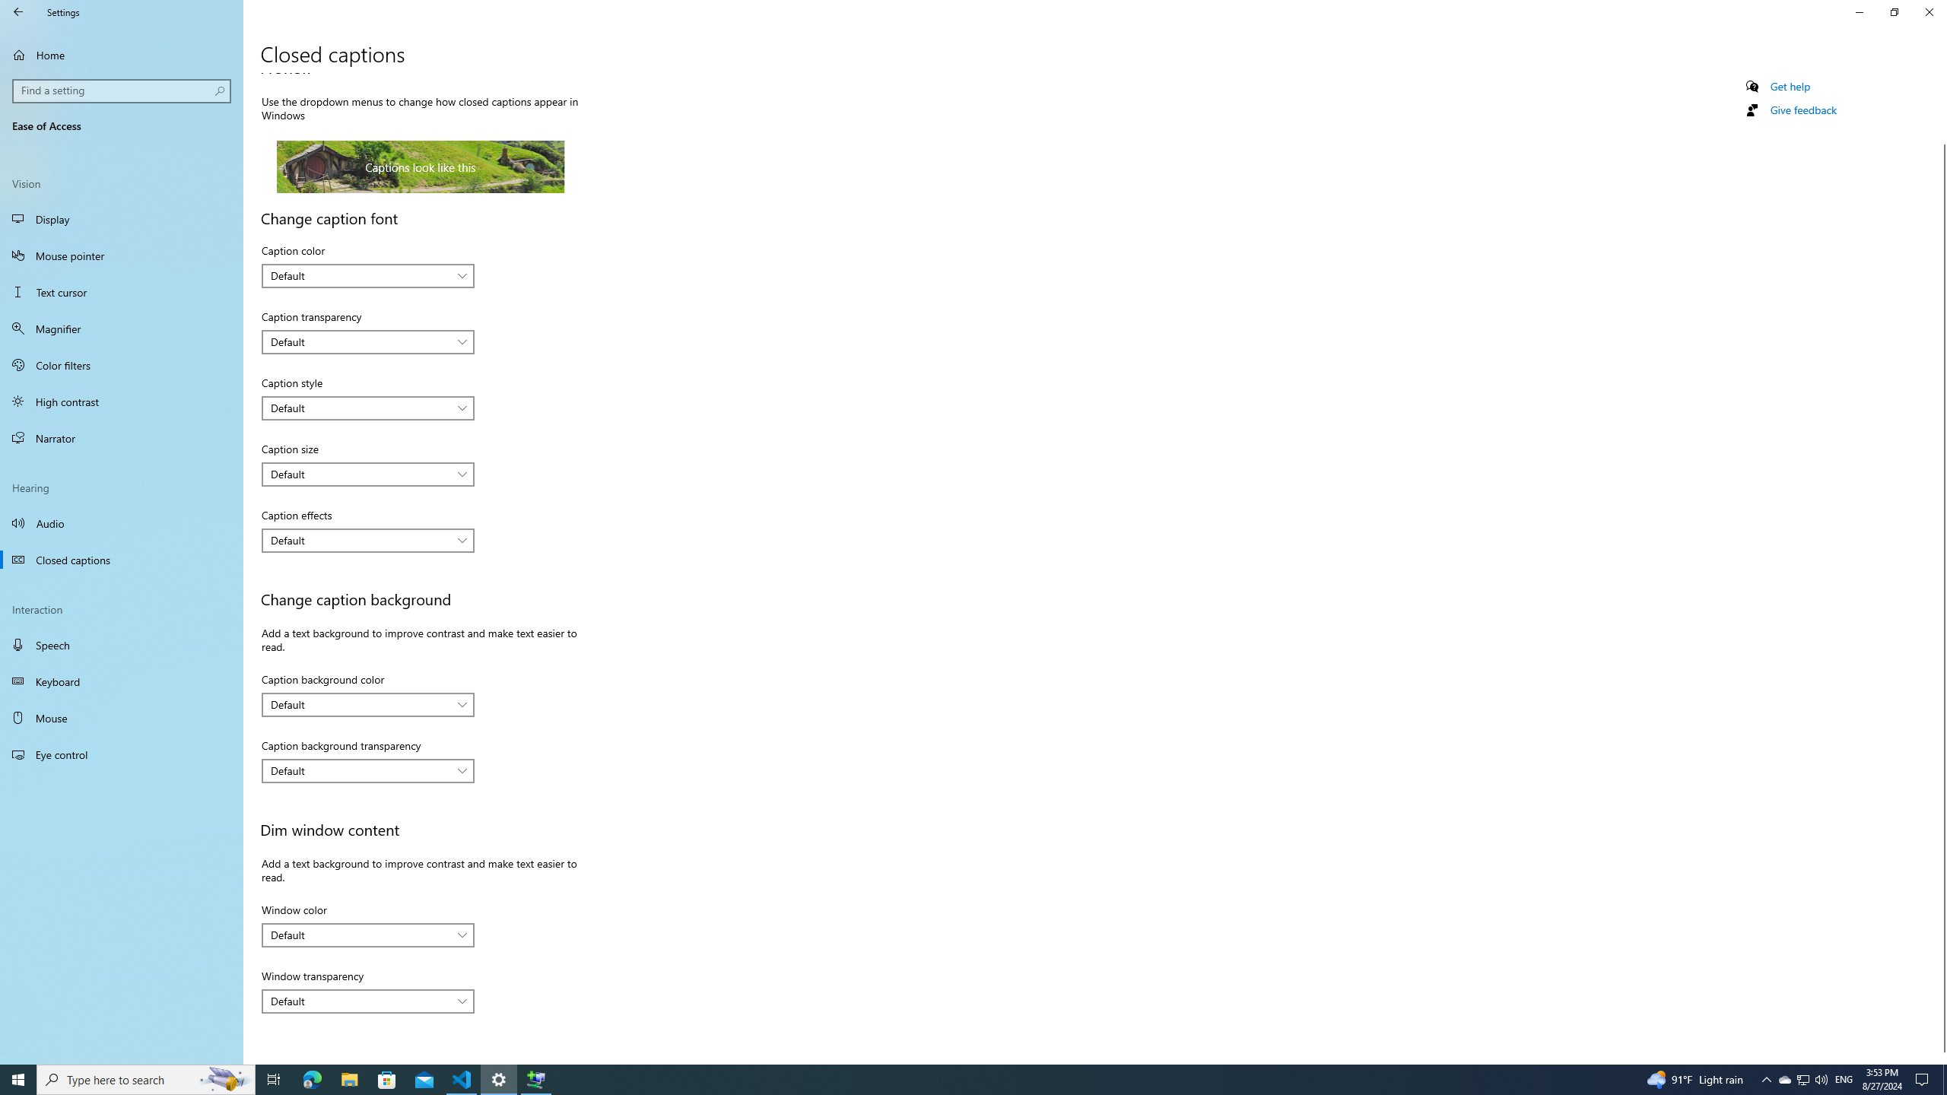 The height and width of the screenshot is (1095, 1947). What do you see at coordinates (121, 754) in the screenshot?
I see `'Eye control'` at bounding box center [121, 754].